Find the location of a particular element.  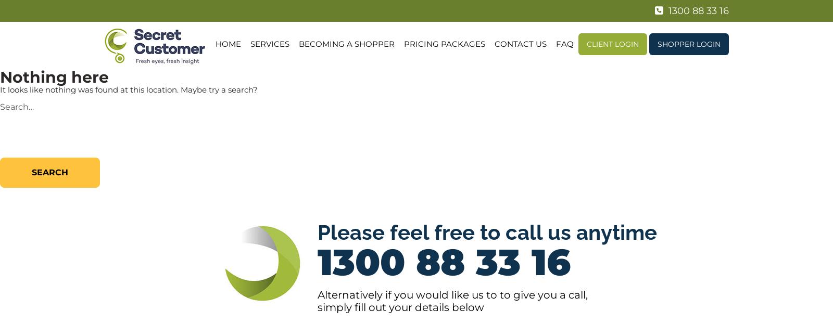

'Pricing Packages' is located at coordinates (443, 44).